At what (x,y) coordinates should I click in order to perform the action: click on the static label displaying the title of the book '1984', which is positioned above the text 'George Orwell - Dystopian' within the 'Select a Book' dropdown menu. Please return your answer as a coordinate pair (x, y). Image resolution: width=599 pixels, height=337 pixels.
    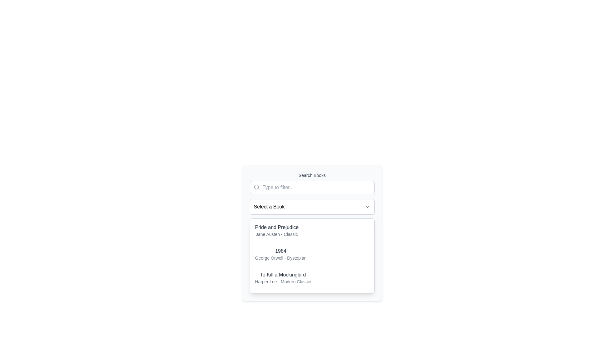
    Looking at the image, I should click on (280, 251).